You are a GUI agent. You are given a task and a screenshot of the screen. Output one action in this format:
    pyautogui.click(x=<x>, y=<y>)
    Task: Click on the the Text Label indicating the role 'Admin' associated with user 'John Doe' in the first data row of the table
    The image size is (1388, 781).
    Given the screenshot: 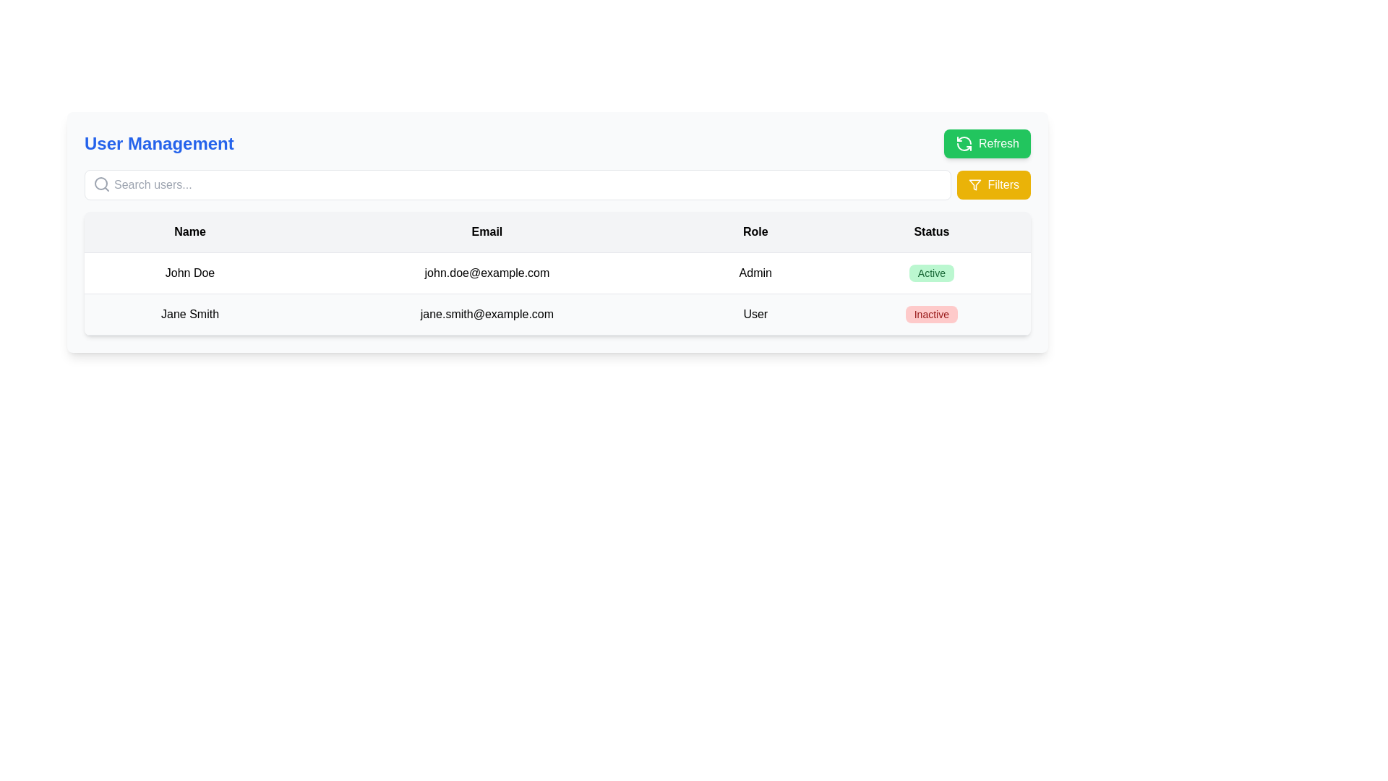 What is the action you would take?
    pyautogui.click(x=755, y=273)
    